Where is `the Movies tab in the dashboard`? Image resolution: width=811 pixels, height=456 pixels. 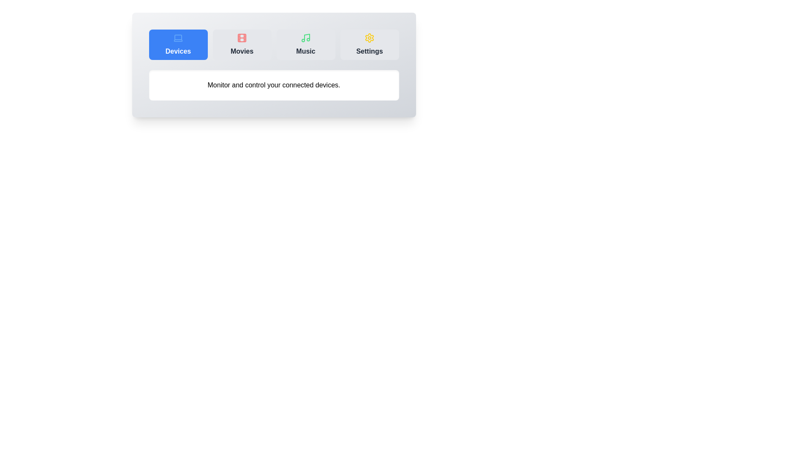
the Movies tab in the dashboard is located at coordinates (241, 44).